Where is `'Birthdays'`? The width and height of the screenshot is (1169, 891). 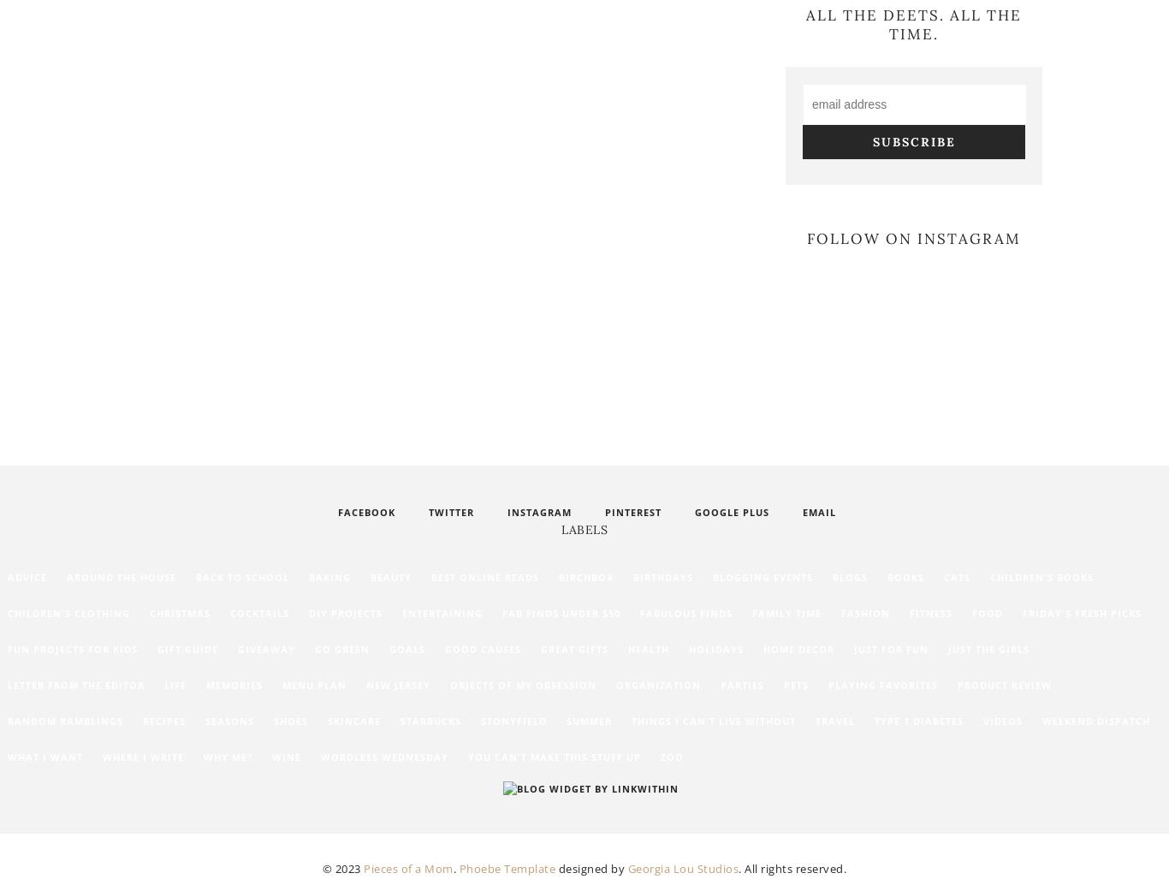 'Birthdays' is located at coordinates (662, 576).